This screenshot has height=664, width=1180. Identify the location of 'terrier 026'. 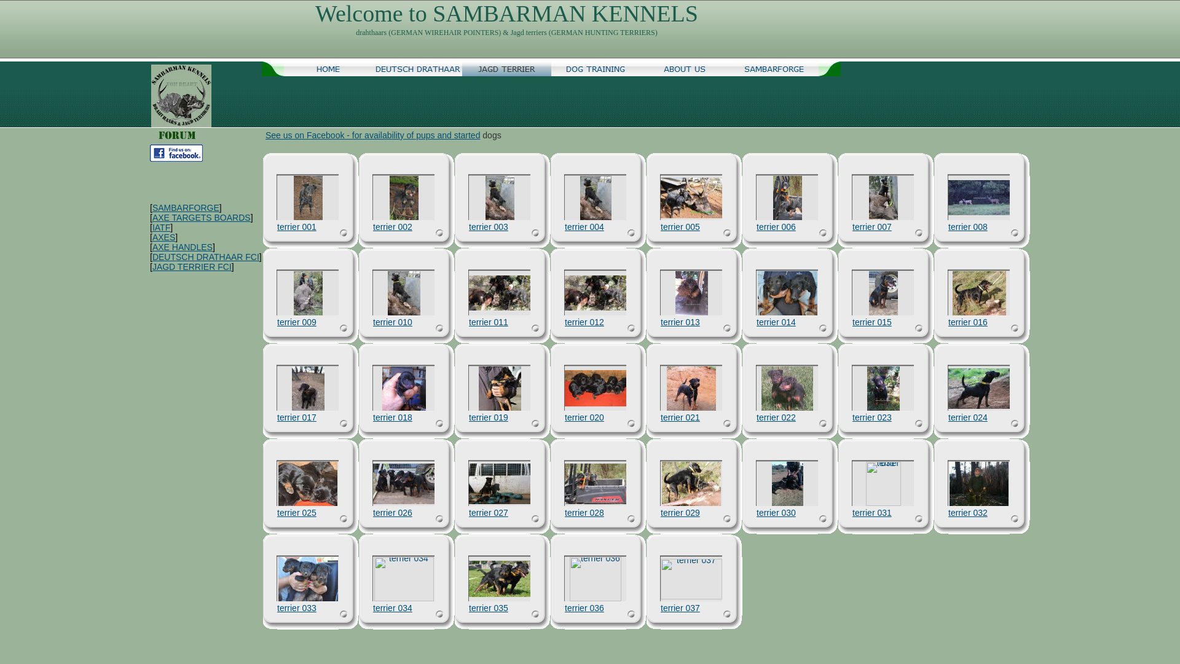
(372, 483).